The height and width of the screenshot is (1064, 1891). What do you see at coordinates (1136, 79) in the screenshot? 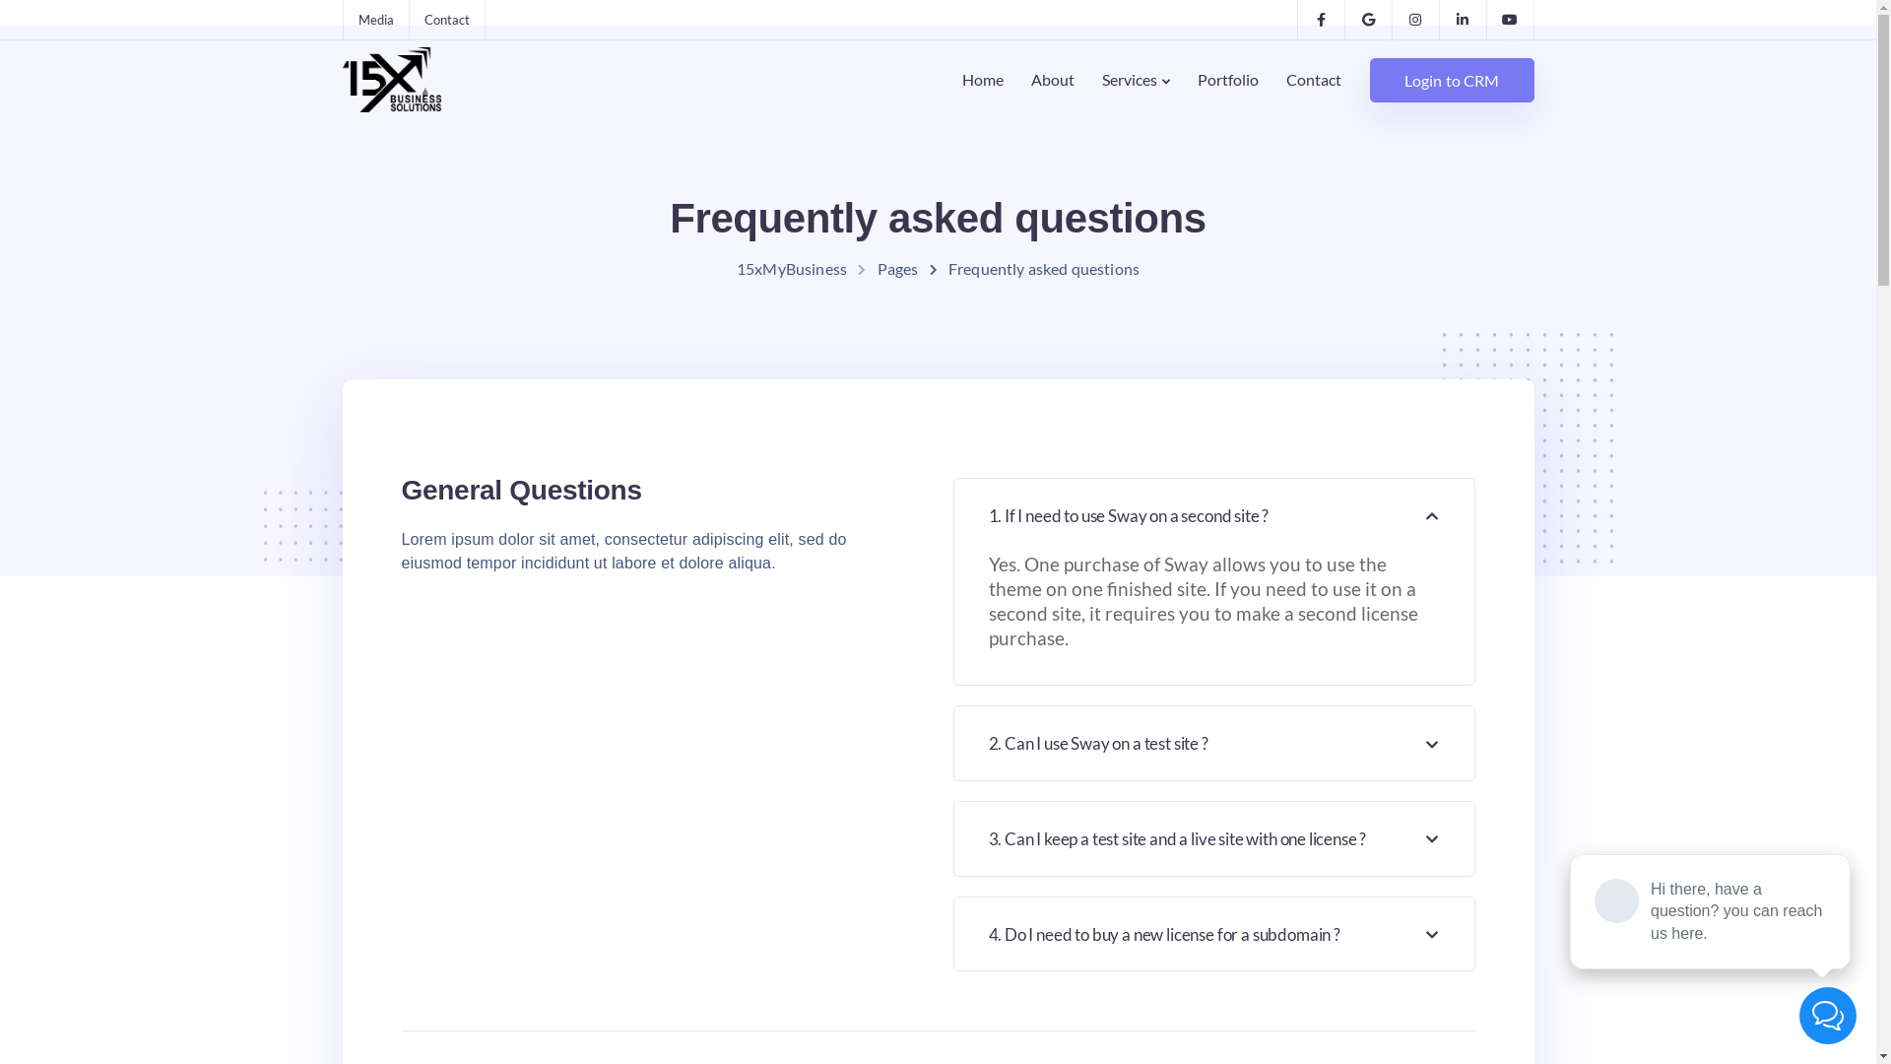
I see `'Services'` at bounding box center [1136, 79].